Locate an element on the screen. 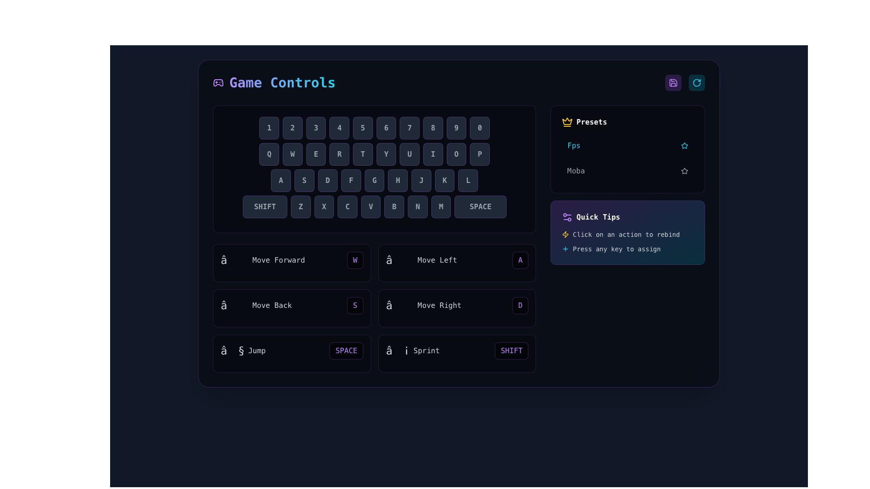 The image size is (870, 489). the purple floppy disk save icon located in the top-right corner of the interface is located at coordinates (673, 82).